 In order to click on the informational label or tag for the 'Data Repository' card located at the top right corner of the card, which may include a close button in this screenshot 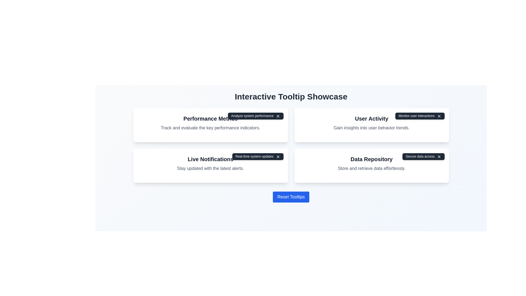, I will do `click(423, 156)`.